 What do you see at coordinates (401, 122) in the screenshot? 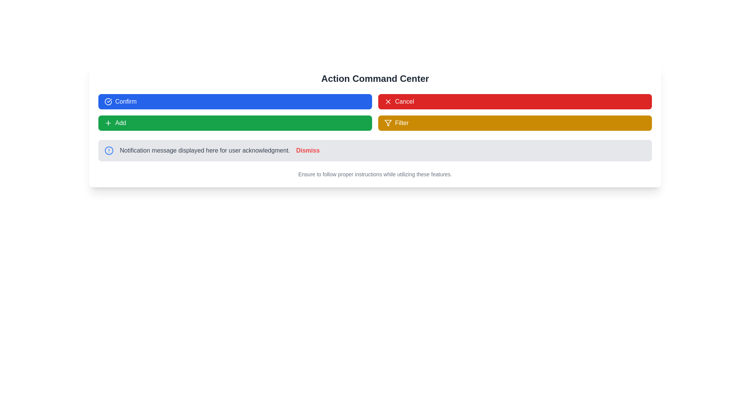
I see `text of the 'Filter' label displayed in white on a yellow-orange button located in the top right area of the control panel interface, adjacent to the 'Add' button` at bounding box center [401, 122].